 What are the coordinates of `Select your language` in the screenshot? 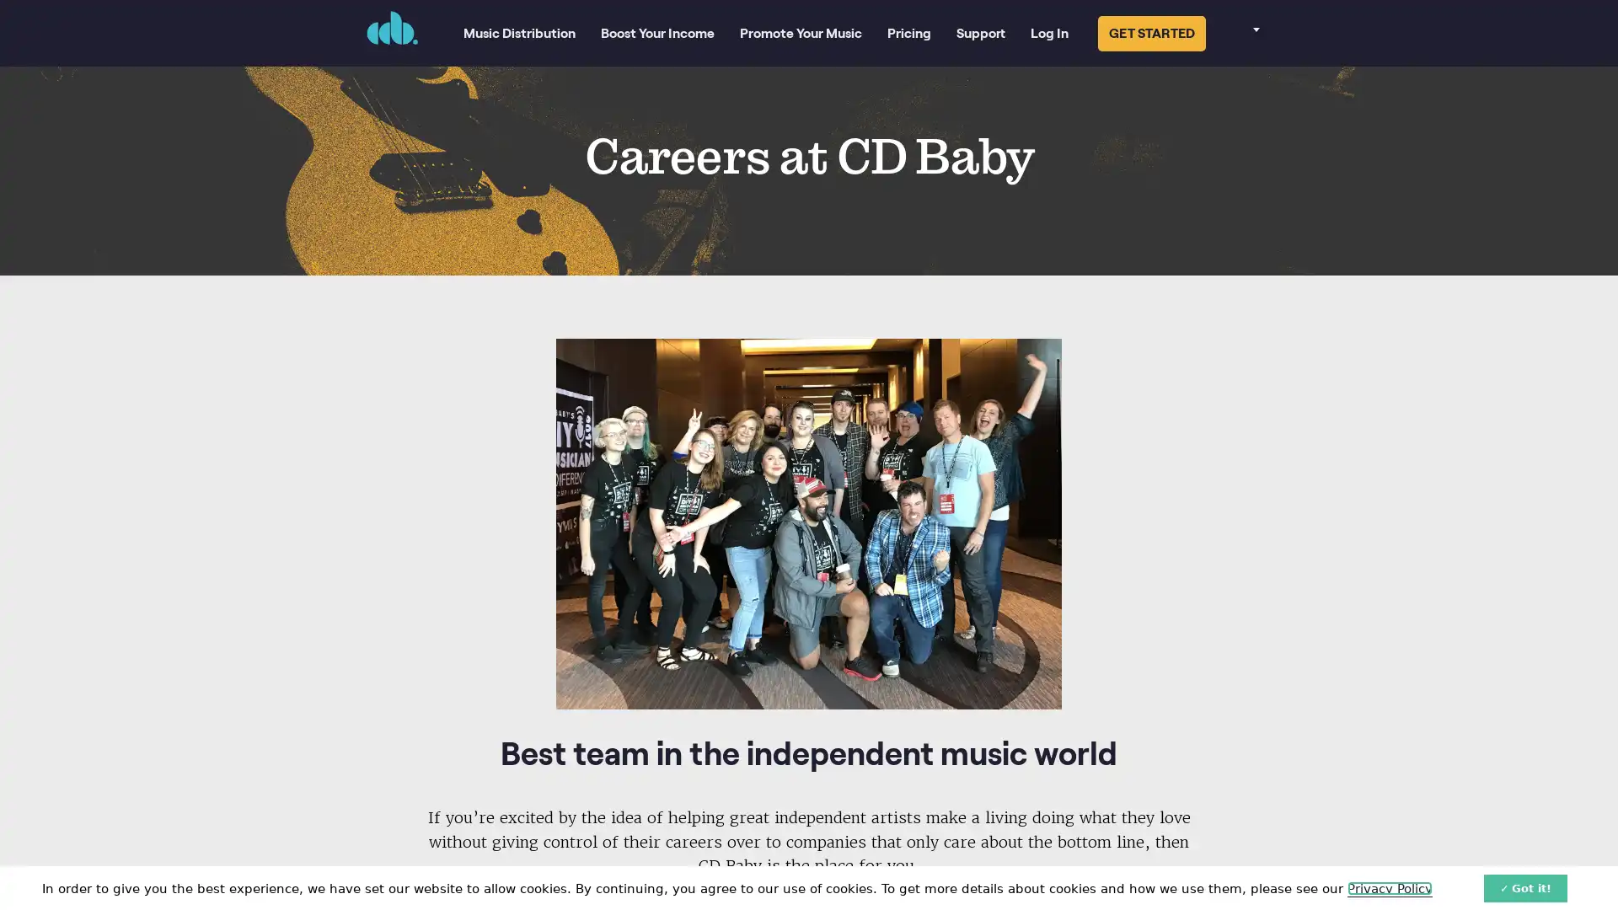 It's located at (1237, 33).